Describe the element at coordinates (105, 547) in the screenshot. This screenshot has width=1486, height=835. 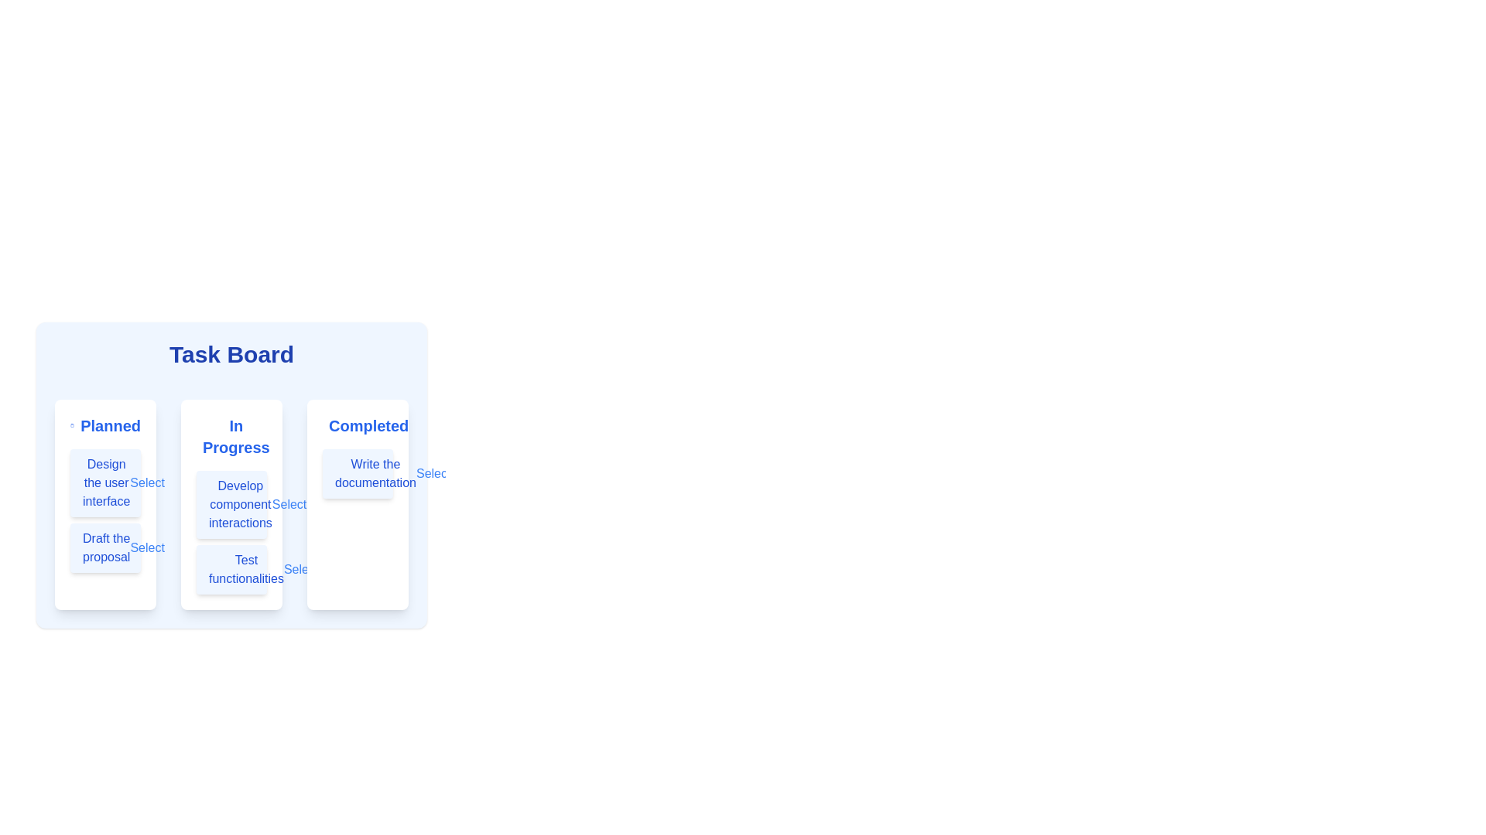
I see `the static text label reading 'Draft the proposal' styled in blue font, located in the 'Planned' column of the task board interface` at that location.